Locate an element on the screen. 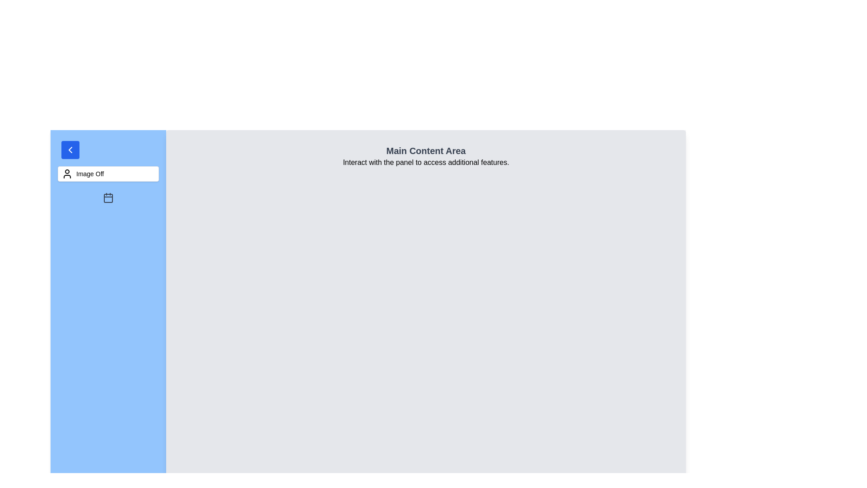 This screenshot has height=488, width=867. the left-pointing chevron icon inside the rounded blue button at the top-left corner of the sidebar is located at coordinates (70, 149).